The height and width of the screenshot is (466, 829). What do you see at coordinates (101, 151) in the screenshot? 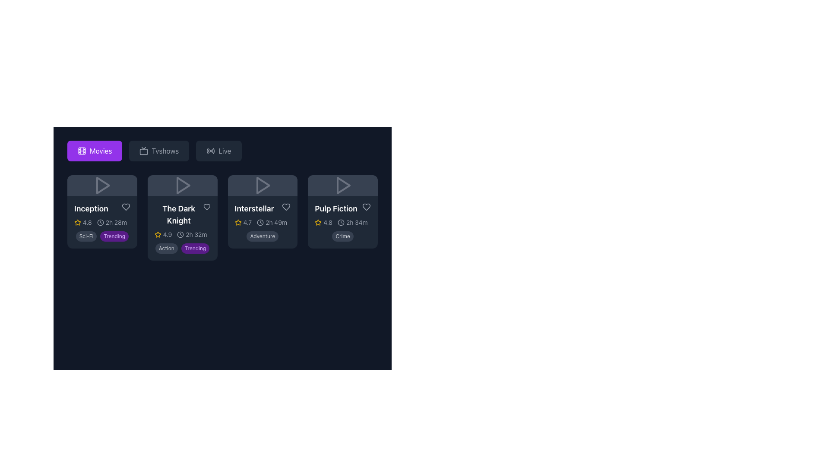
I see `the text within the purple rectangular navigation button in the upper-left portion of the movie browsing application, which likely switches the view` at bounding box center [101, 151].